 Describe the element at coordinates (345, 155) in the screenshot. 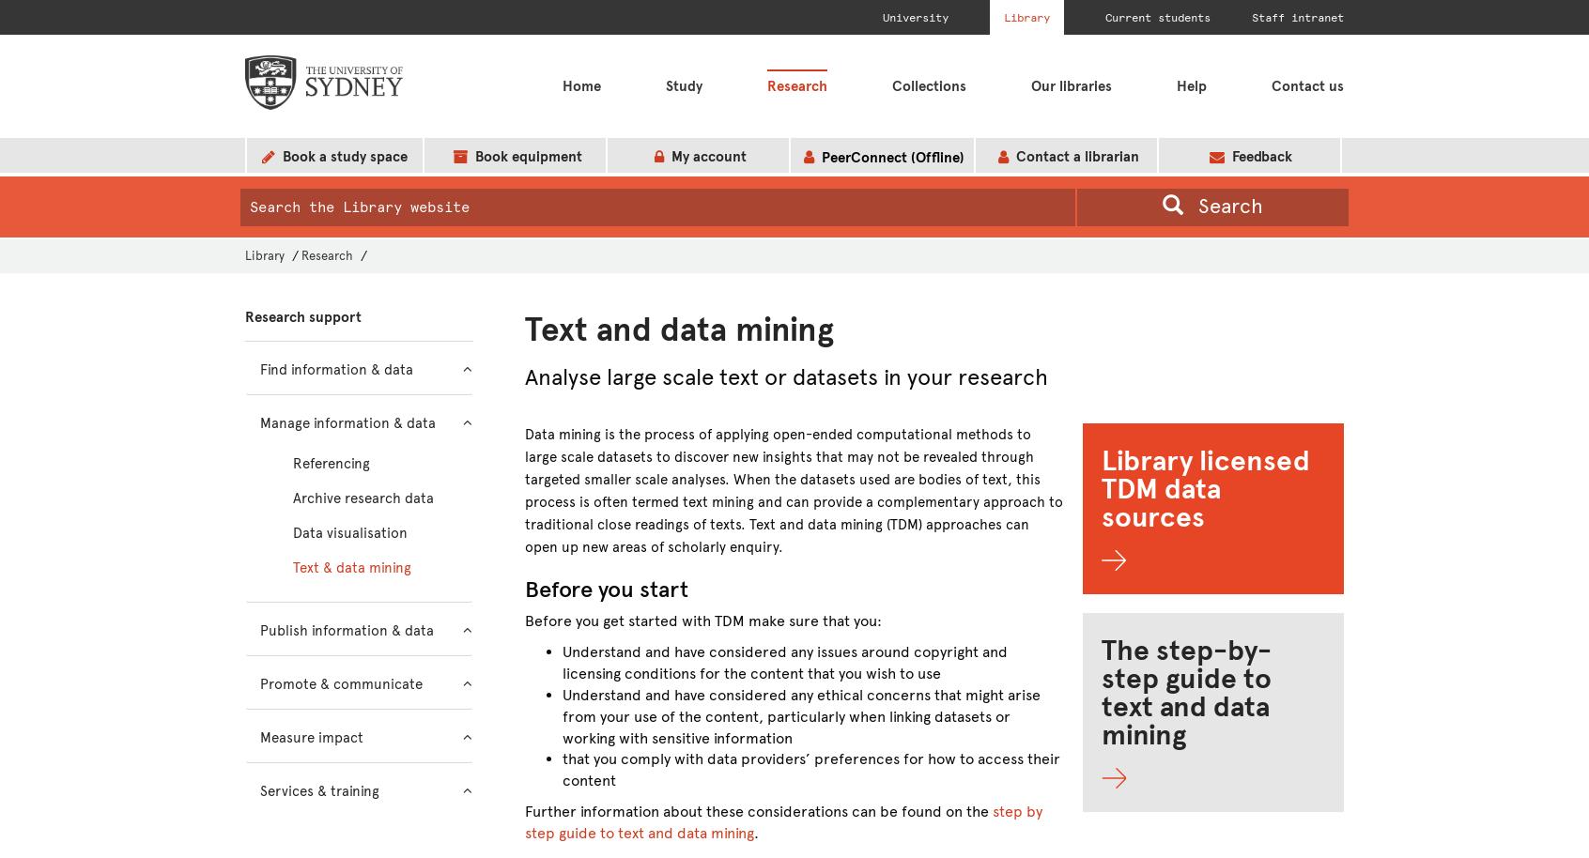

I see `'Book a study space'` at that location.